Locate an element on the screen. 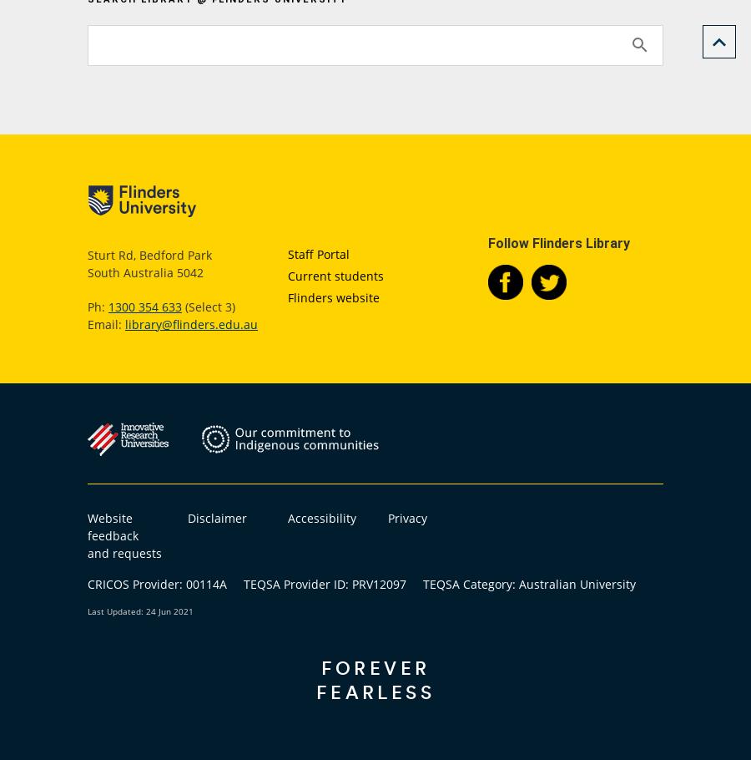  'Email:' is located at coordinates (106, 323).